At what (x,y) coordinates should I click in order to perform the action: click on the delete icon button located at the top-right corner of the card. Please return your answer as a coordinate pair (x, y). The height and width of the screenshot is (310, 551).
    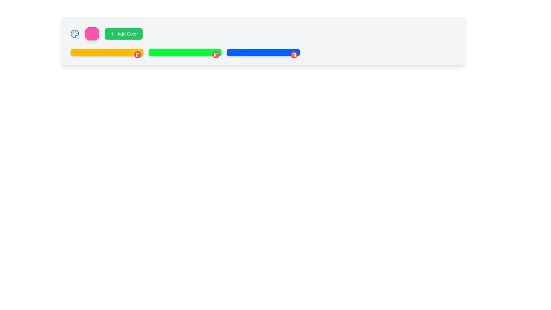
    Looking at the image, I should click on (216, 55).